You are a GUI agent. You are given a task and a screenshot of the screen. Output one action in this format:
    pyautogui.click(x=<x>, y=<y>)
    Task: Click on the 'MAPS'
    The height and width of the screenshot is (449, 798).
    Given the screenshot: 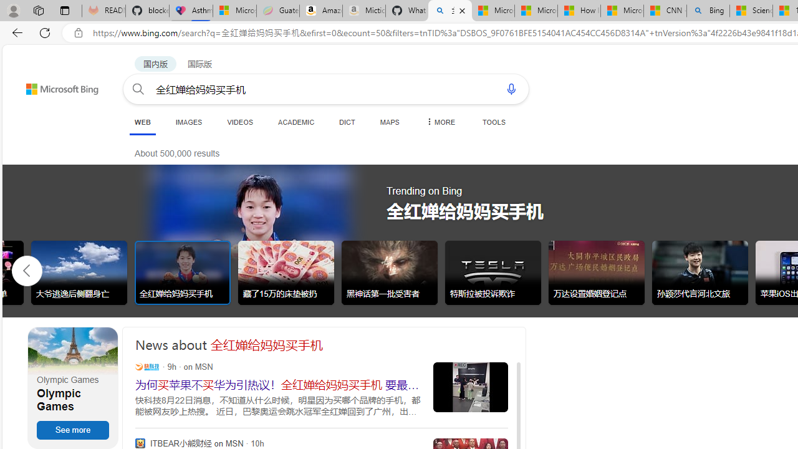 What is the action you would take?
    pyautogui.click(x=389, y=122)
    